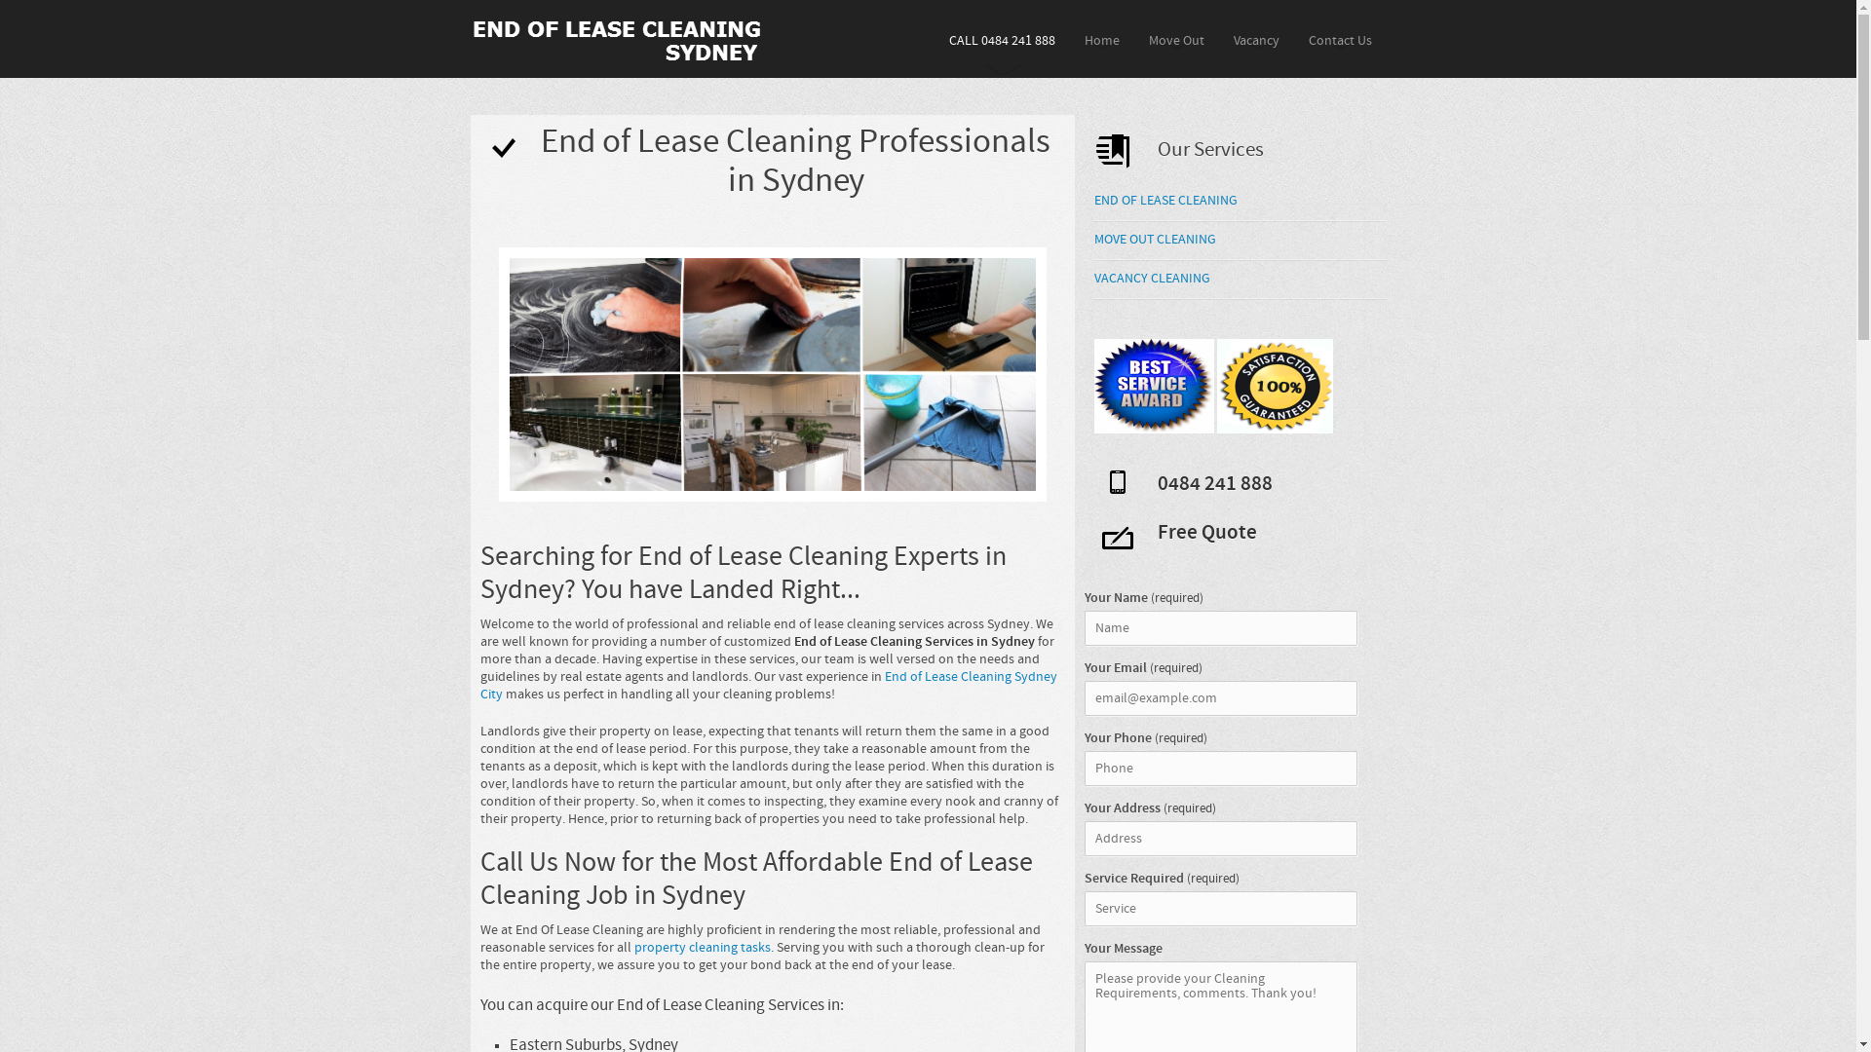  Describe the element at coordinates (1102, 37) in the screenshot. I see `'Home'` at that location.